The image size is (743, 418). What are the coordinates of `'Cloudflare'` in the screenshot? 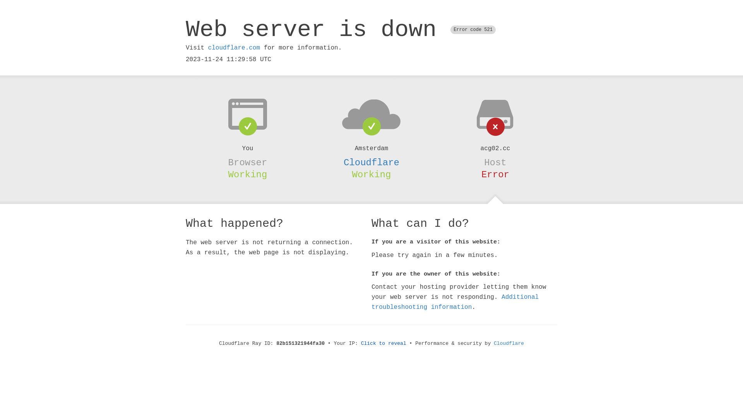 It's located at (371, 162).